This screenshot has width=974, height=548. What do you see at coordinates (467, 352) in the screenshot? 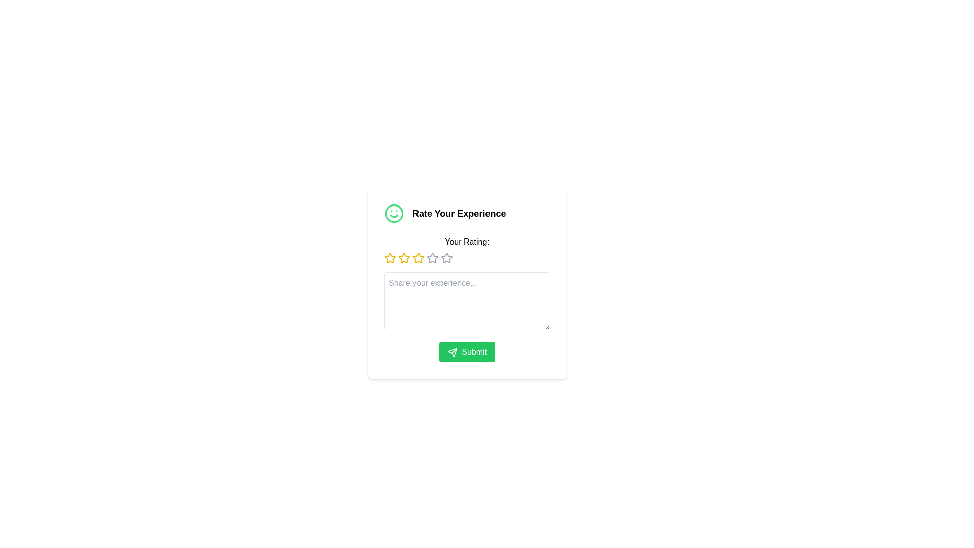
I see `the submit button located at the bottom-center of the feedback form to finalize and submit the user's rating and feedback` at bounding box center [467, 352].